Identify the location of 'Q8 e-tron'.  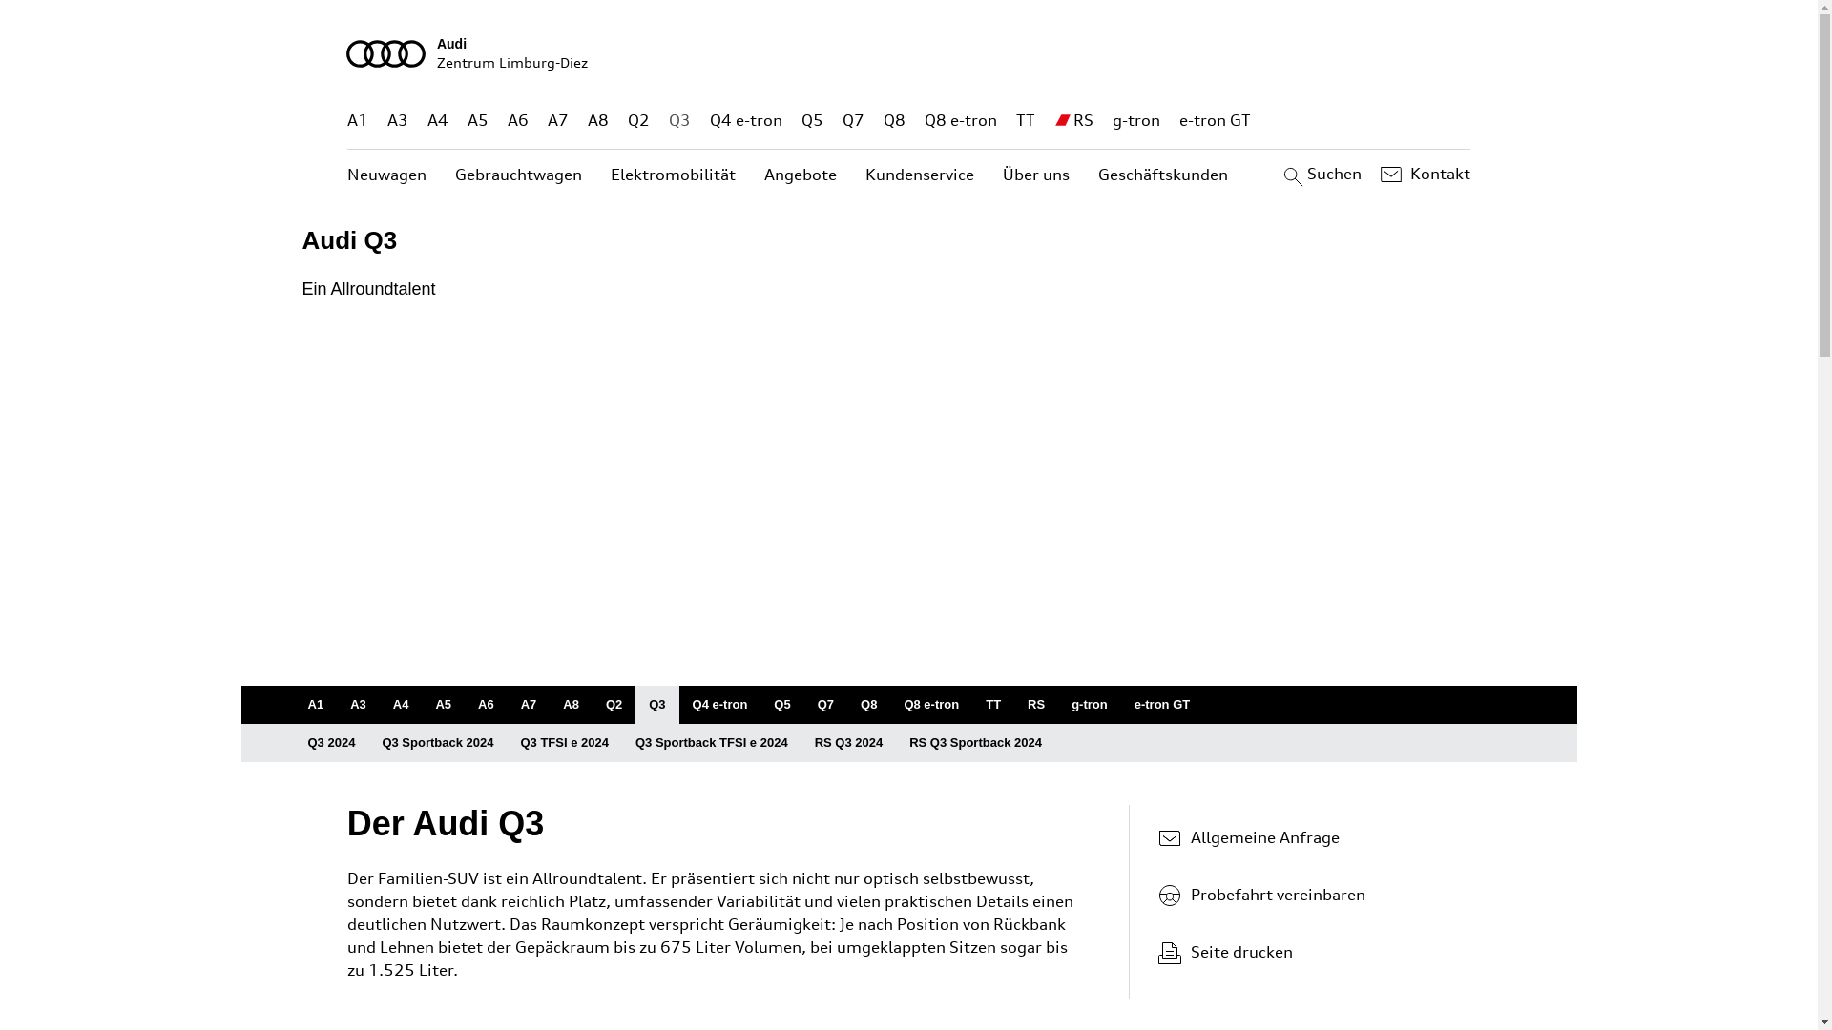
(961, 120).